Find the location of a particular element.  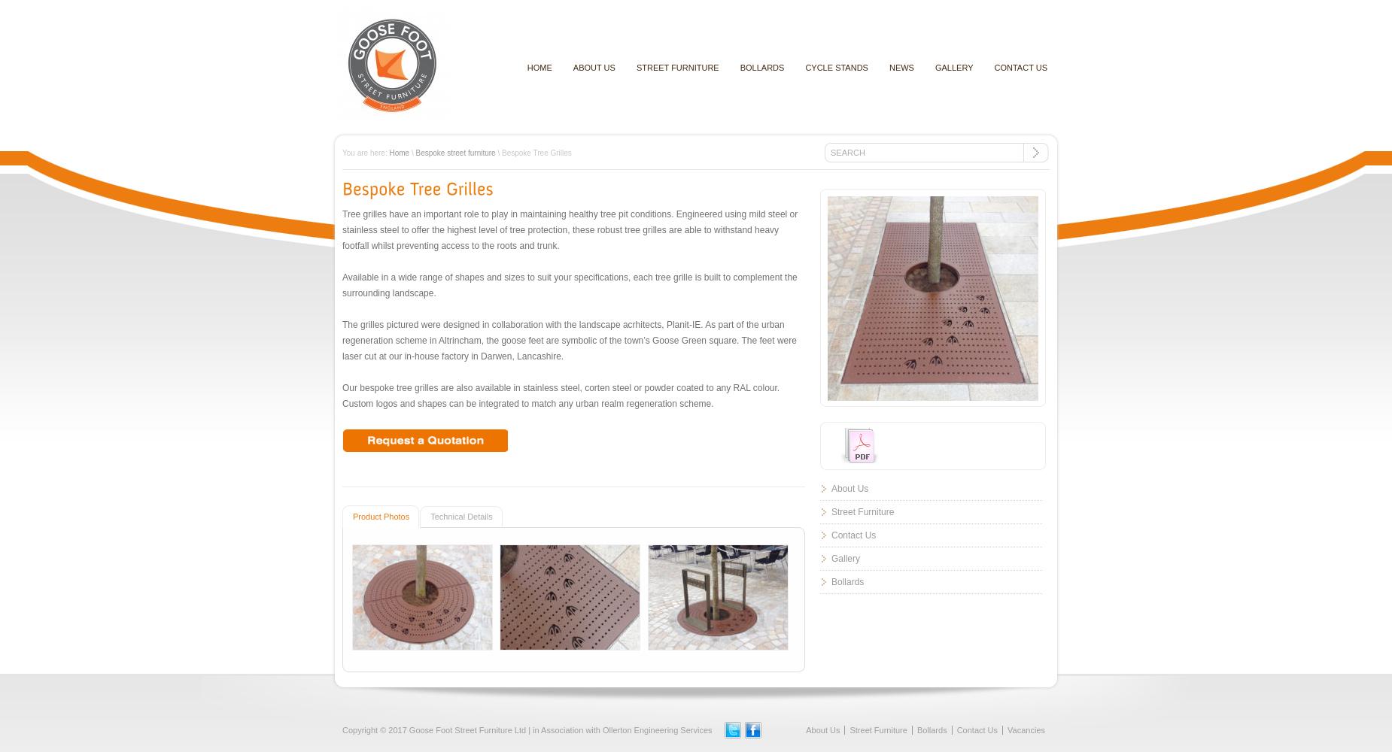

'\ Bespoke Tree Grilles' is located at coordinates (533, 152).